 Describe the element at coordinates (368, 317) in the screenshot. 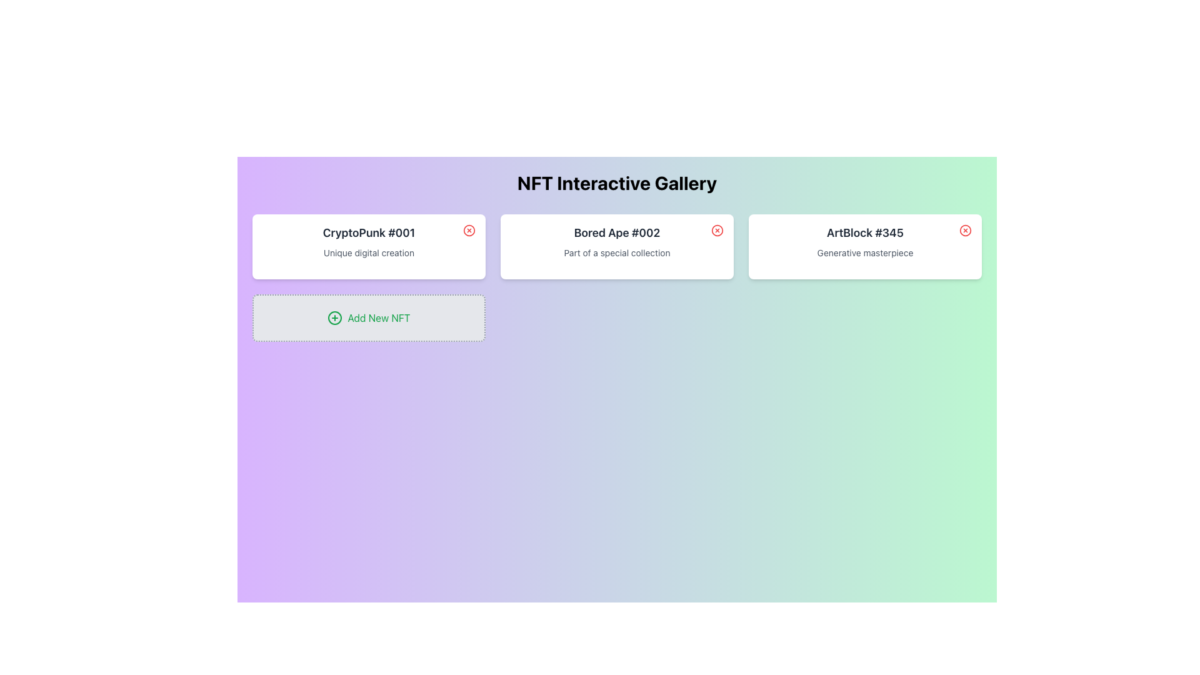

I see `the central button to initiate the creation or addition of a new NFT item, located beneath the NFT tiles labeled 'CryptoPunk #001', 'Bored Ape #002', and 'ArtBlock #345'` at that location.